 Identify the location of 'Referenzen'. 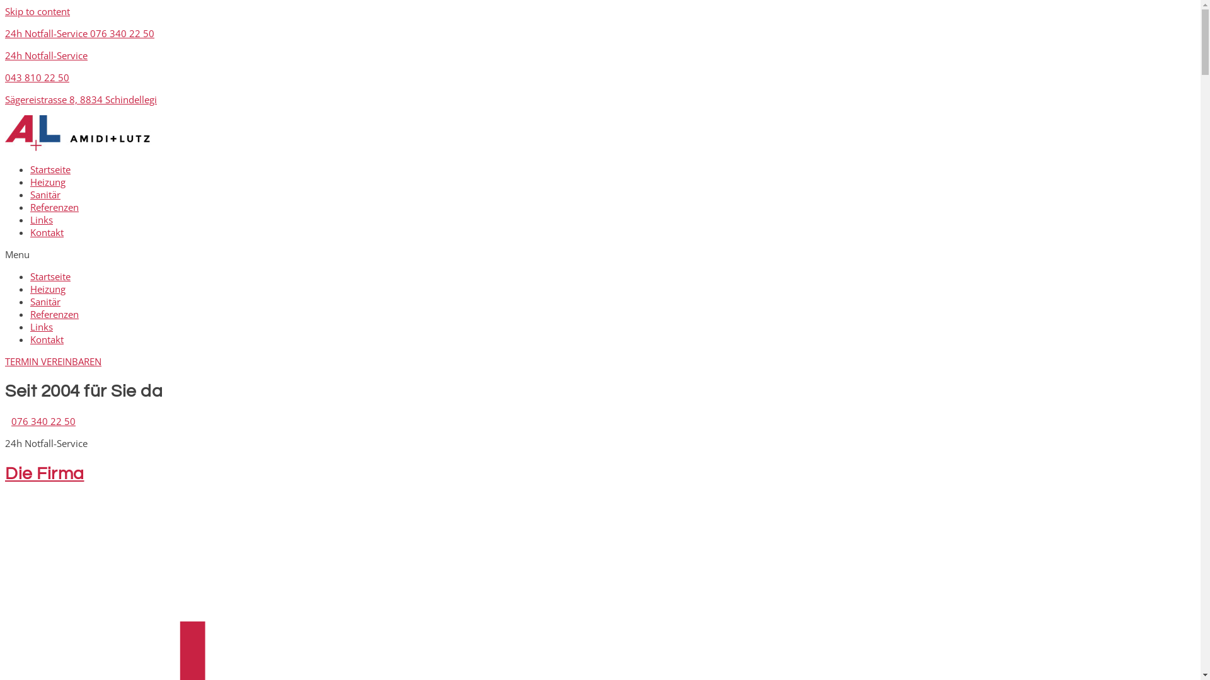
(54, 313).